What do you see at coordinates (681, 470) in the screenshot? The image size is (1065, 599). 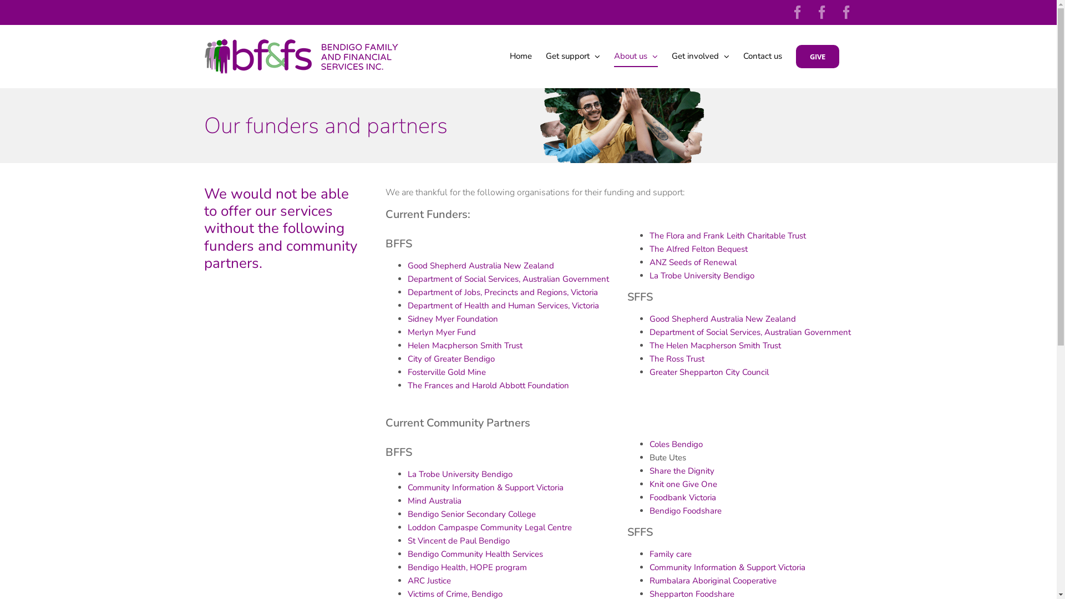 I see `'Share the Dignity'` at bounding box center [681, 470].